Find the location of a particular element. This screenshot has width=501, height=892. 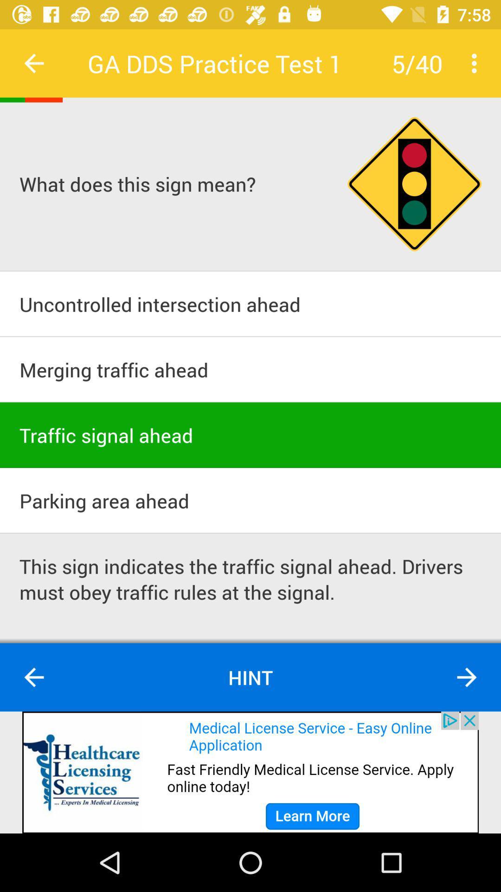

go back is located at coordinates (33, 677).